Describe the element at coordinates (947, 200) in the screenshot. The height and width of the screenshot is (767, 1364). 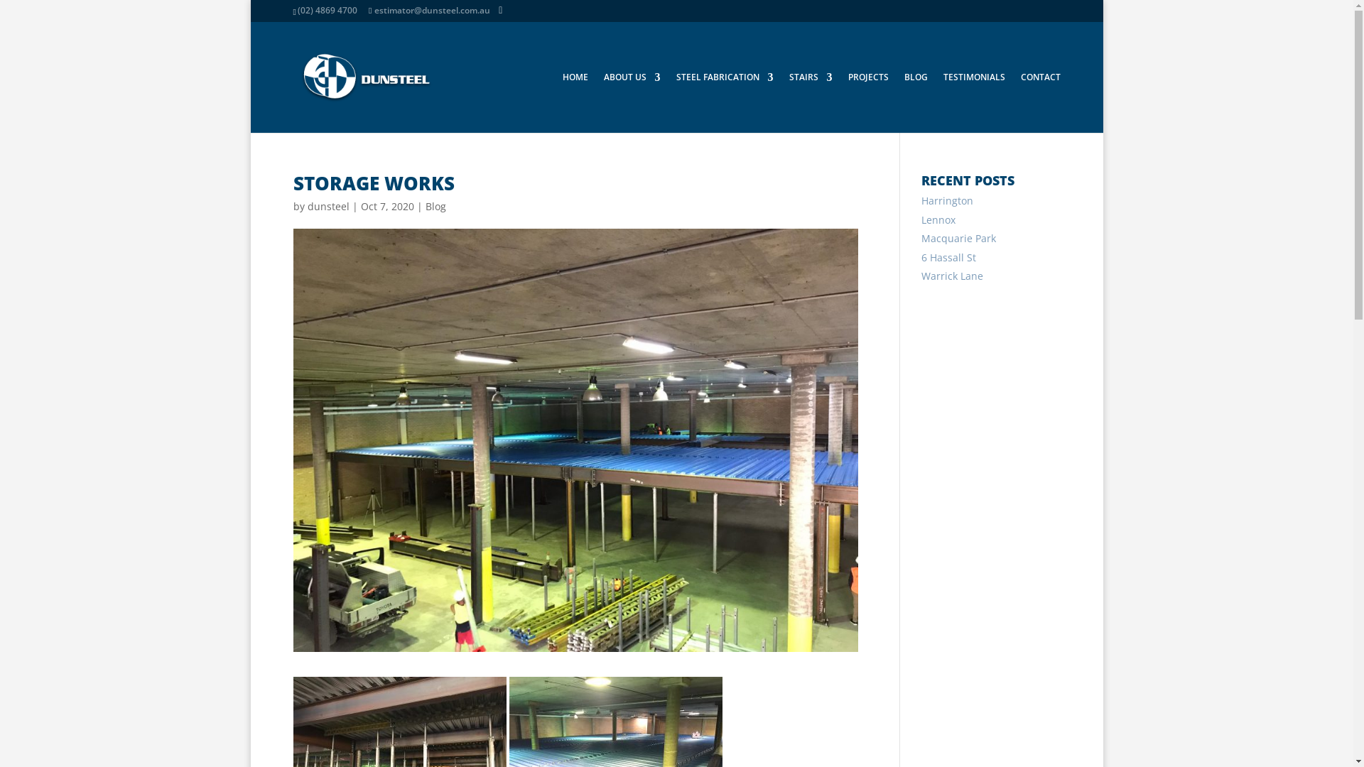
I see `'Harrington'` at that location.